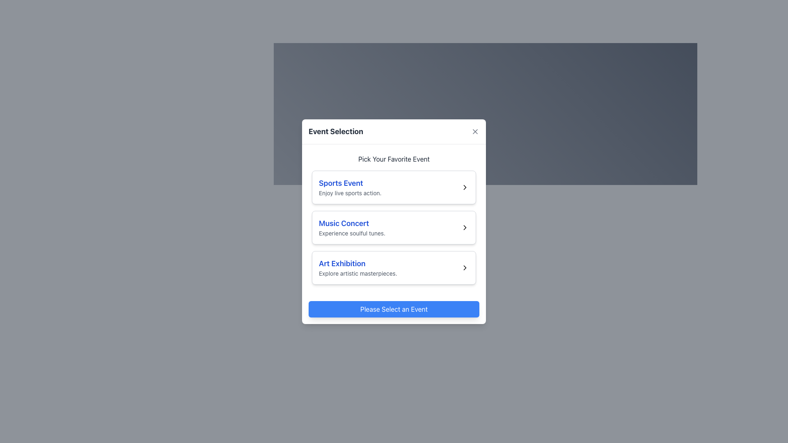 This screenshot has width=788, height=443. What do you see at coordinates (336, 131) in the screenshot?
I see `the bold, large text label reading 'Event Selection' located at the top left of the pop-up interface` at bounding box center [336, 131].